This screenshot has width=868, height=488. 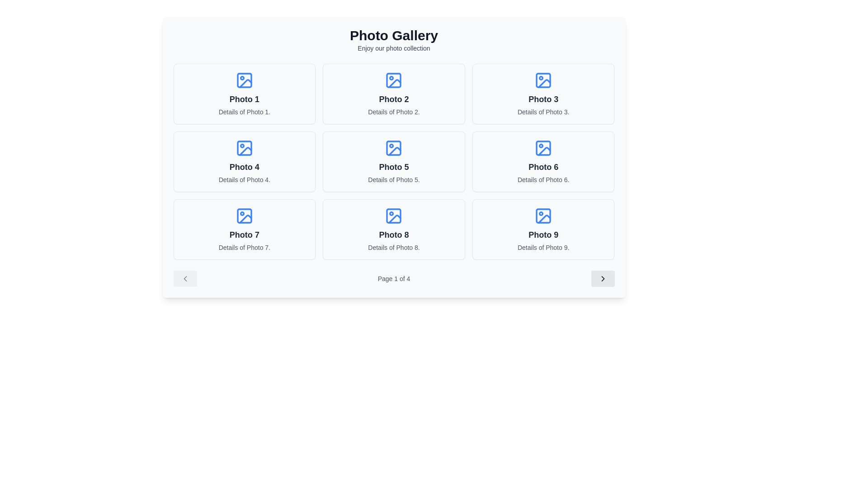 What do you see at coordinates (543, 179) in the screenshot?
I see `the static text component that provides additional descriptive details for Photo 6, located in the sixth position of a 3x3 grid layout in the Photo Gallery interface` at bounding box center [543, 179].